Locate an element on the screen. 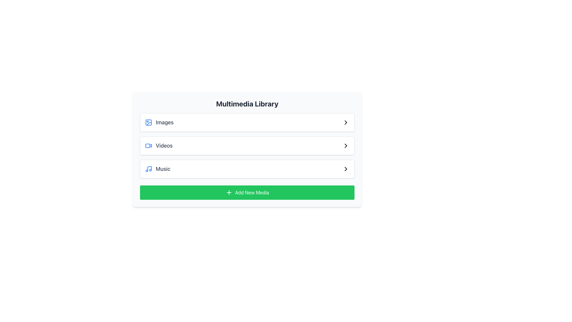 This screenshot has height=322, width=572. the 'Videos' button in the 'Multimedia Library' section is located at coordinates (247, 146).